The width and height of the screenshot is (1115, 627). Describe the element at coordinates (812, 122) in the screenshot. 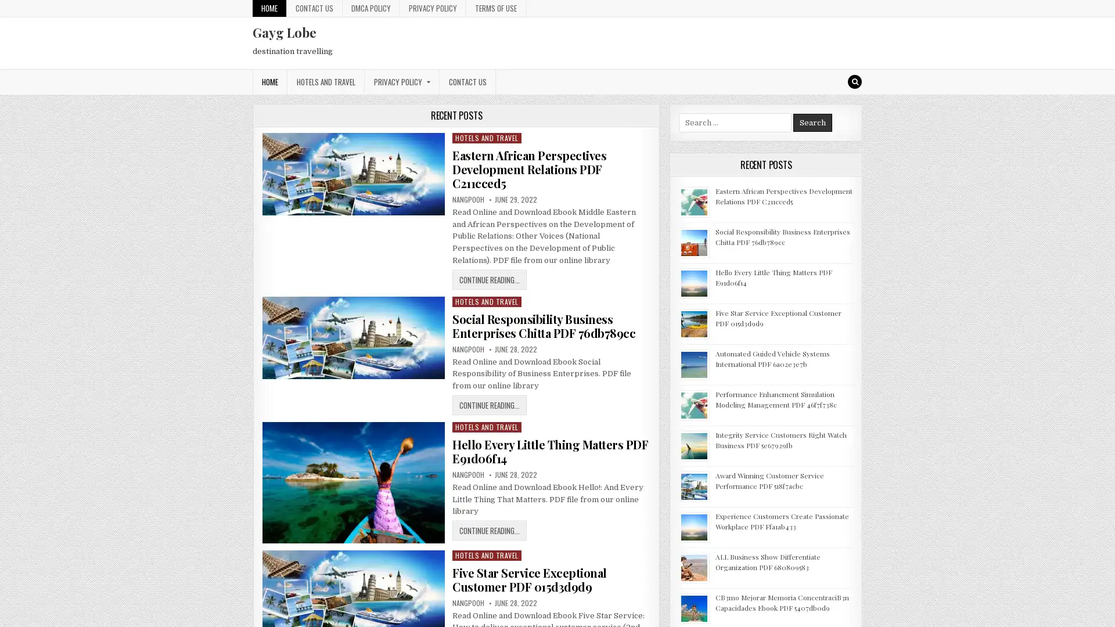

I see `Search` at that location.